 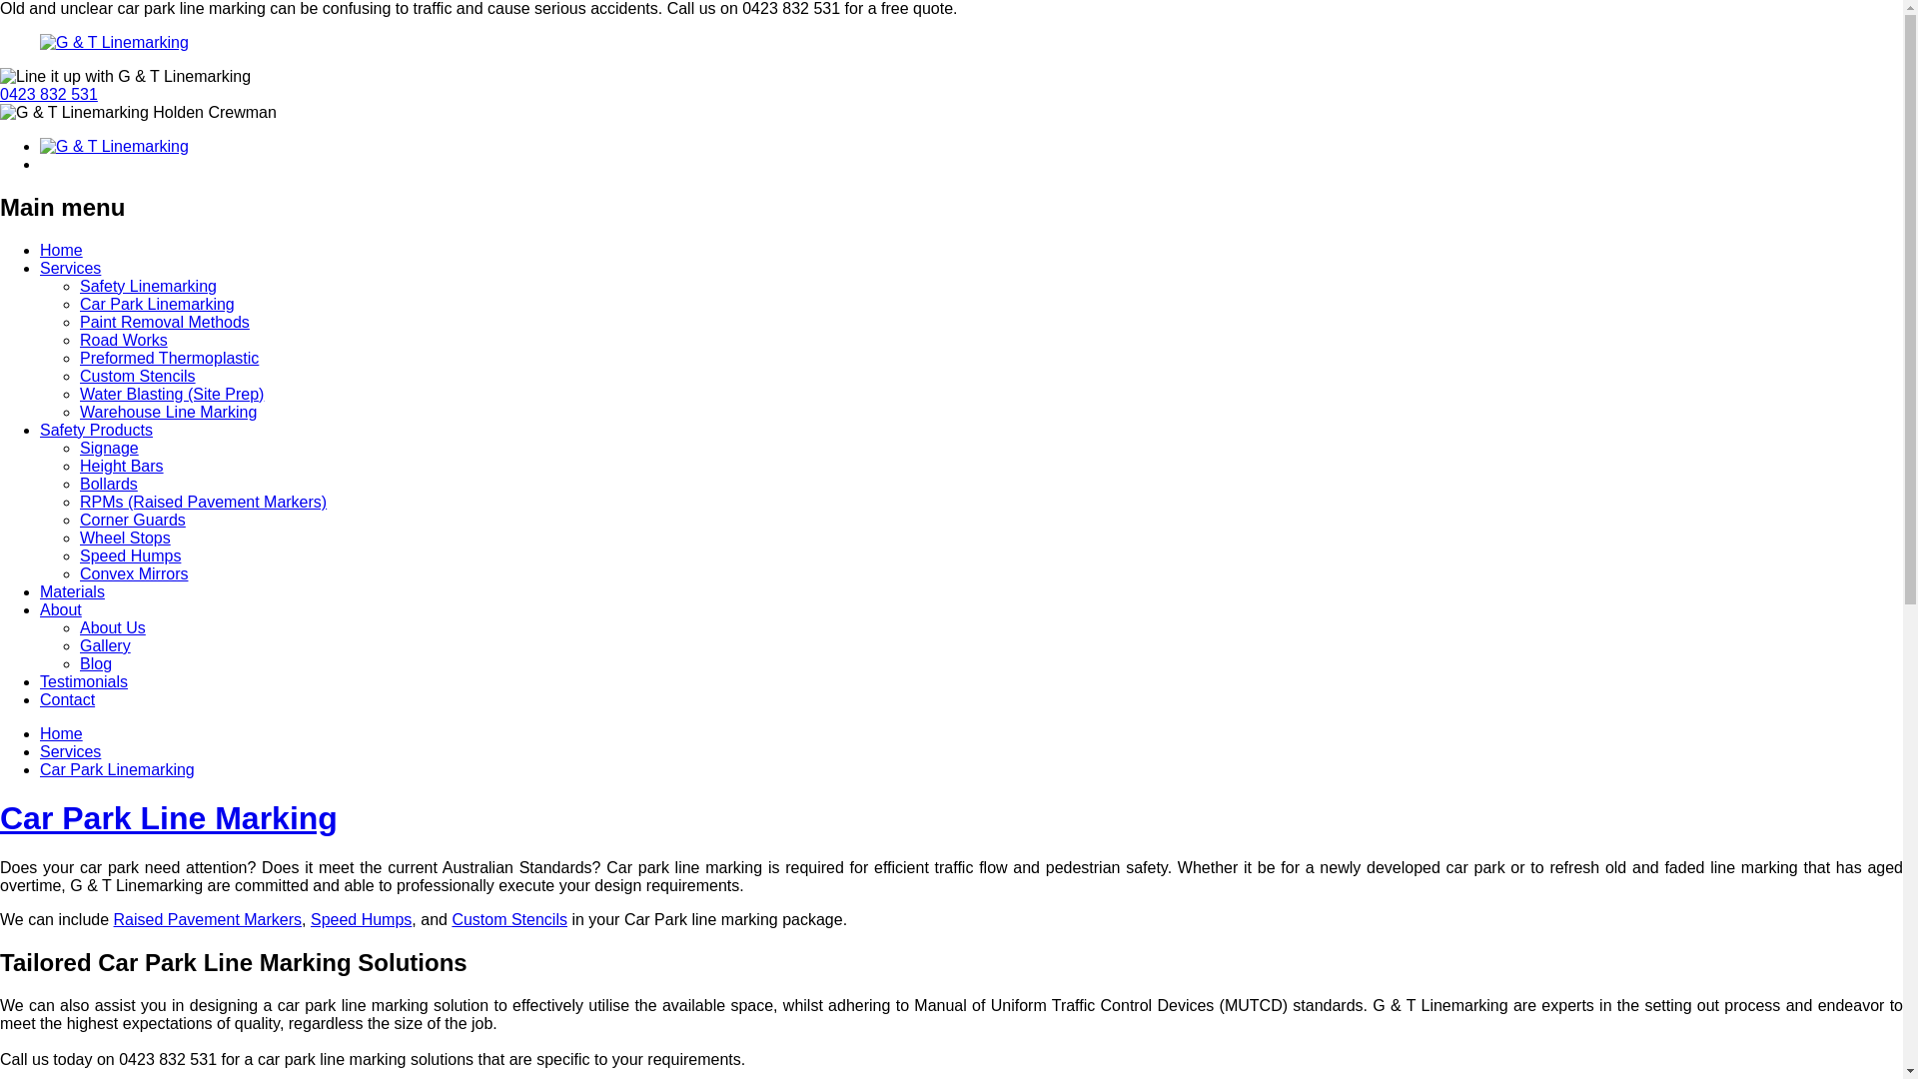 I want to click on 'Contact', so click(x=67, y=698).